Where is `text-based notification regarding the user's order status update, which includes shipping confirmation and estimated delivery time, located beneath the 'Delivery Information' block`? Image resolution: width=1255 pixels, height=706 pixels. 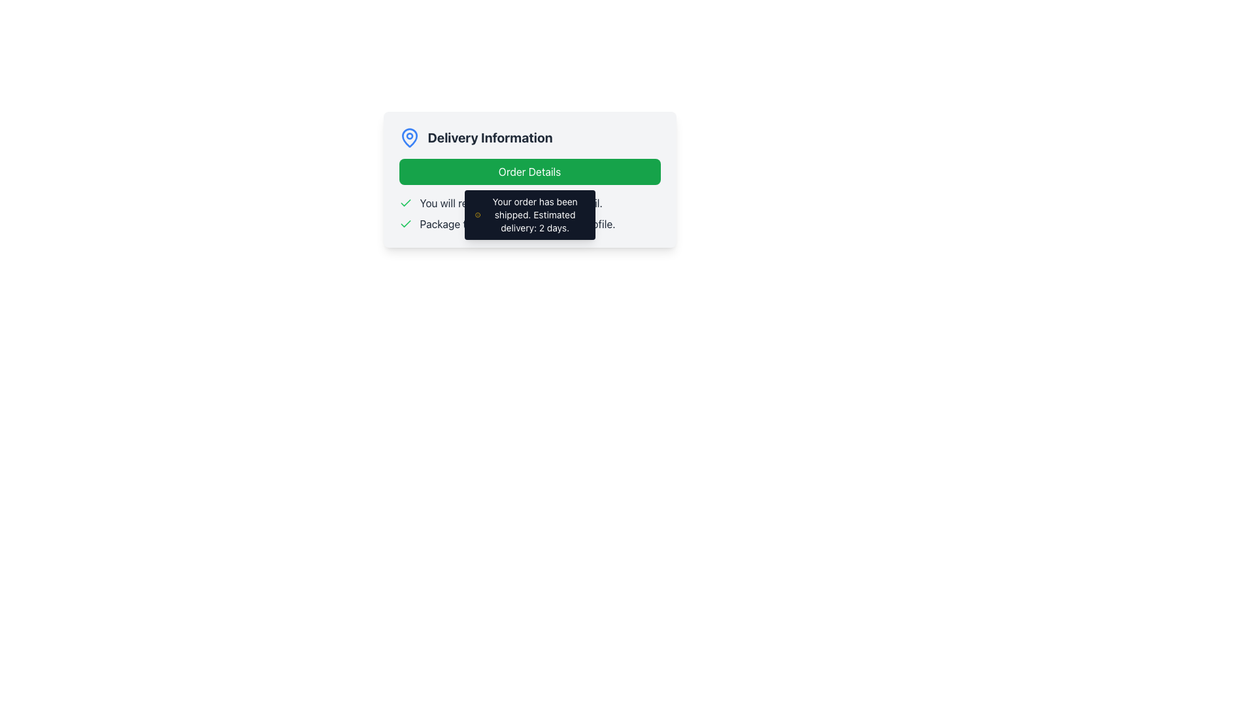
text-based notification regarding the user's order status update, which includes shipping confirmation and estimated delivery time, located beneath the 'Delivery Information' block is located at coordinates (529, 214).